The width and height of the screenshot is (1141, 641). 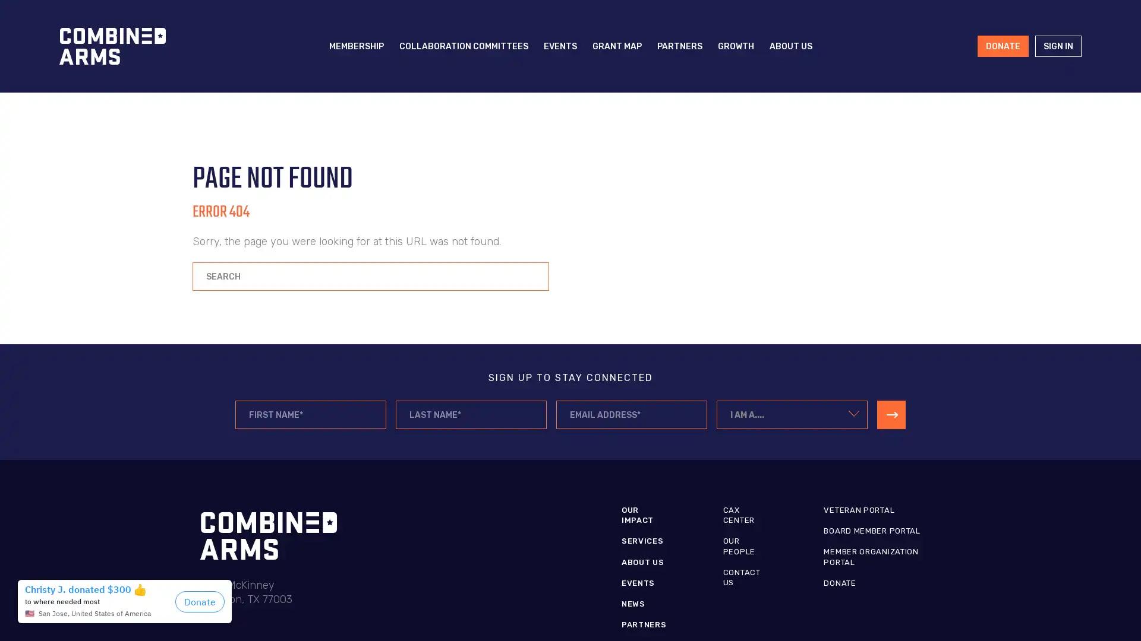 I want to click on Submit, so click(x=891, y=414).